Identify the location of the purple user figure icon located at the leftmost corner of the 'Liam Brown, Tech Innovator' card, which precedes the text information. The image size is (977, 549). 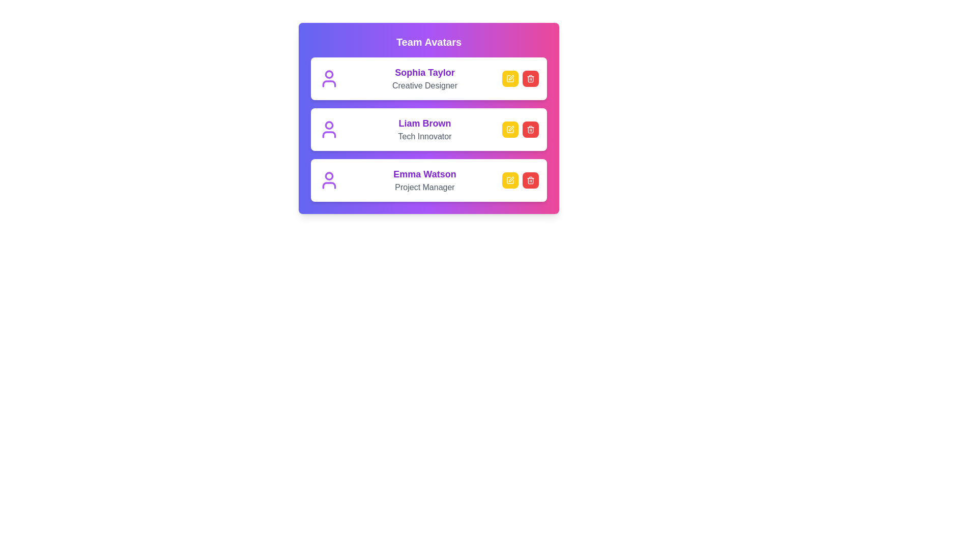
(329, 129).